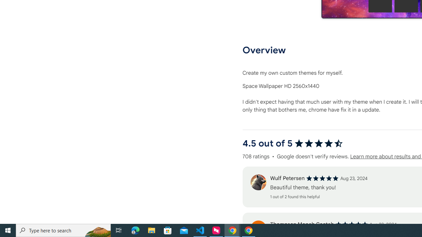 Image resolution: width=422 pixels, height=237 pixels. Describe the element at coordinates (318, 143) in the screenshot. I see `'4.5 out of 5 stars'` at that location.